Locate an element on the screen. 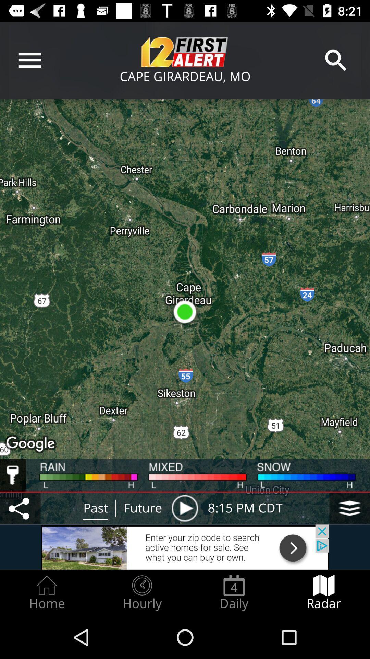 This screenshot has height=659, width=370. the share icon is located at coordinates (20, 508).